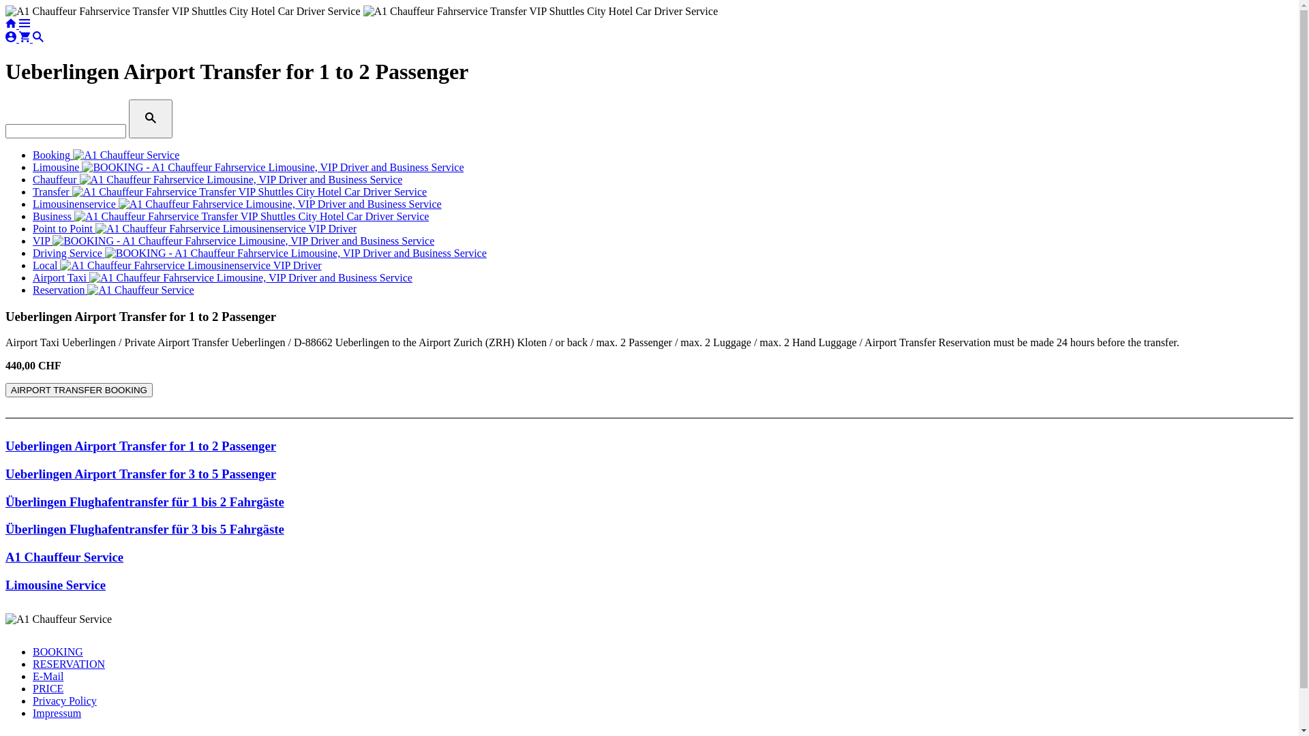 This screenshot has width=1309, height=736. Describe the element at coordinates (33, 265) in the screenshot. I see `'Local'` at that location.